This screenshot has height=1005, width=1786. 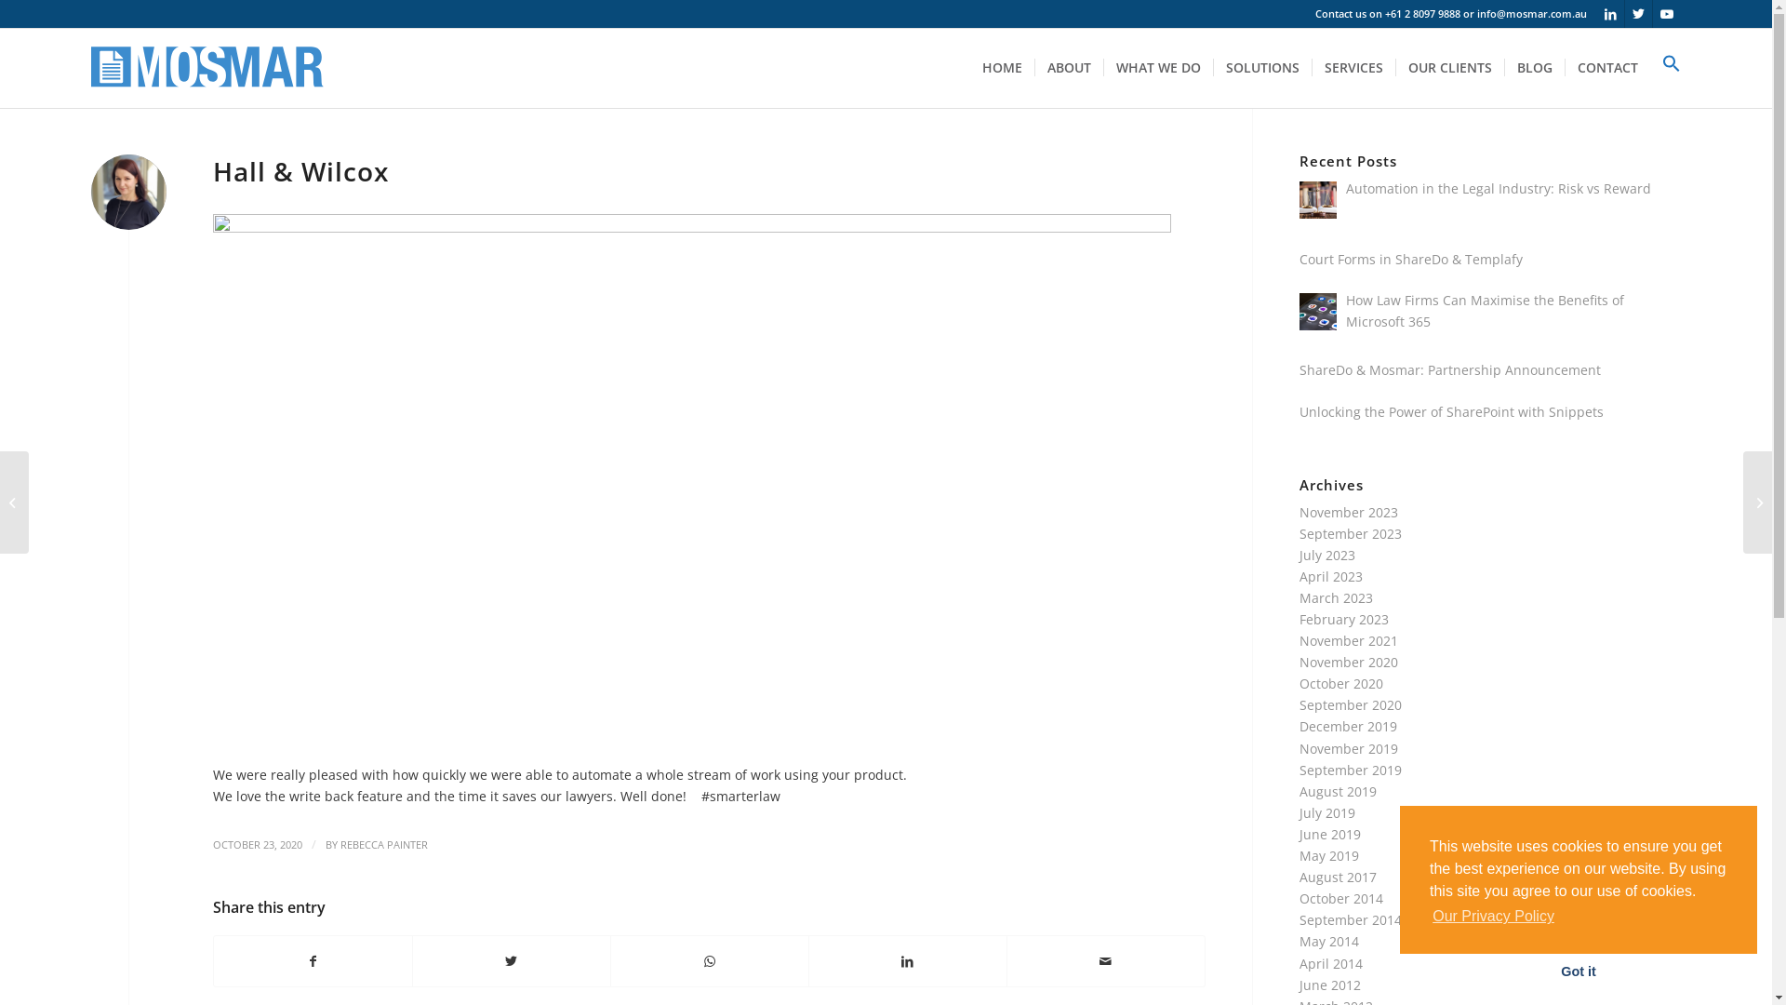 What do you see at coordinates (1531, 13) in the screenshot?
I see `'info@mosmar.com.au'` at bounding box center [1531, 13].